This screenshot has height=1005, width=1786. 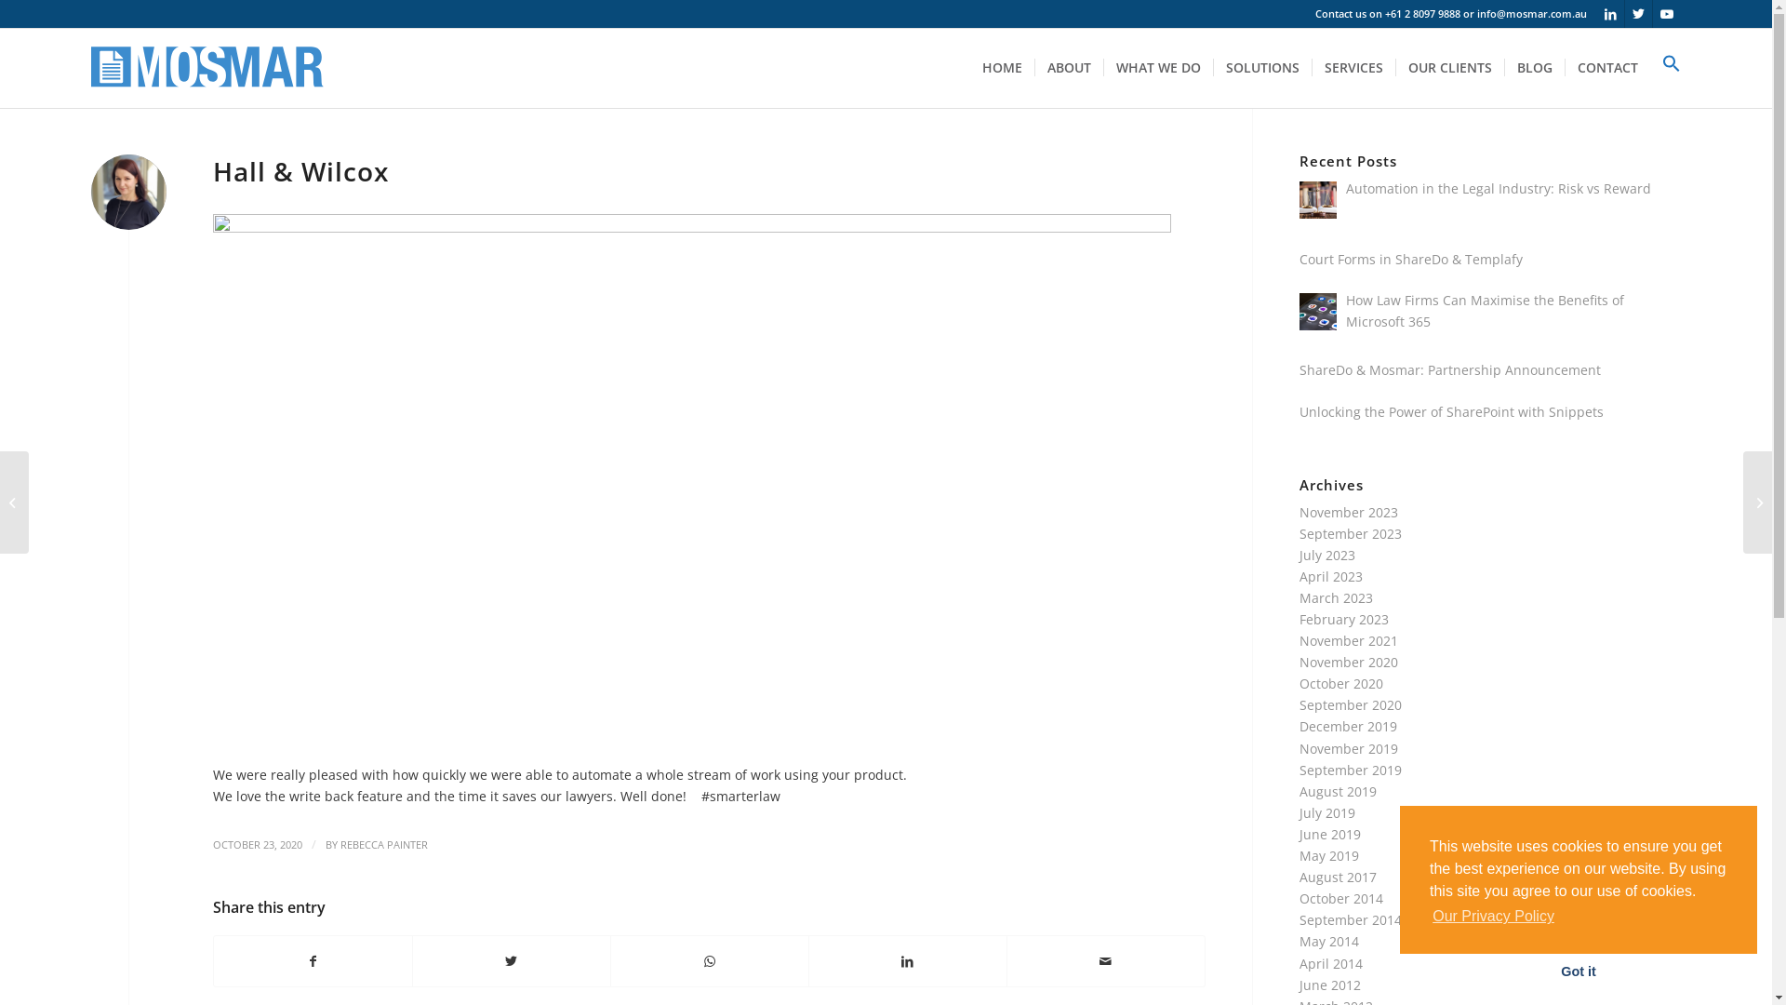 What do you see at coordinates (1531, 13) in the screenshot?
I see `'info@mosmar.com.au'` at bounding box center [1531, 13].